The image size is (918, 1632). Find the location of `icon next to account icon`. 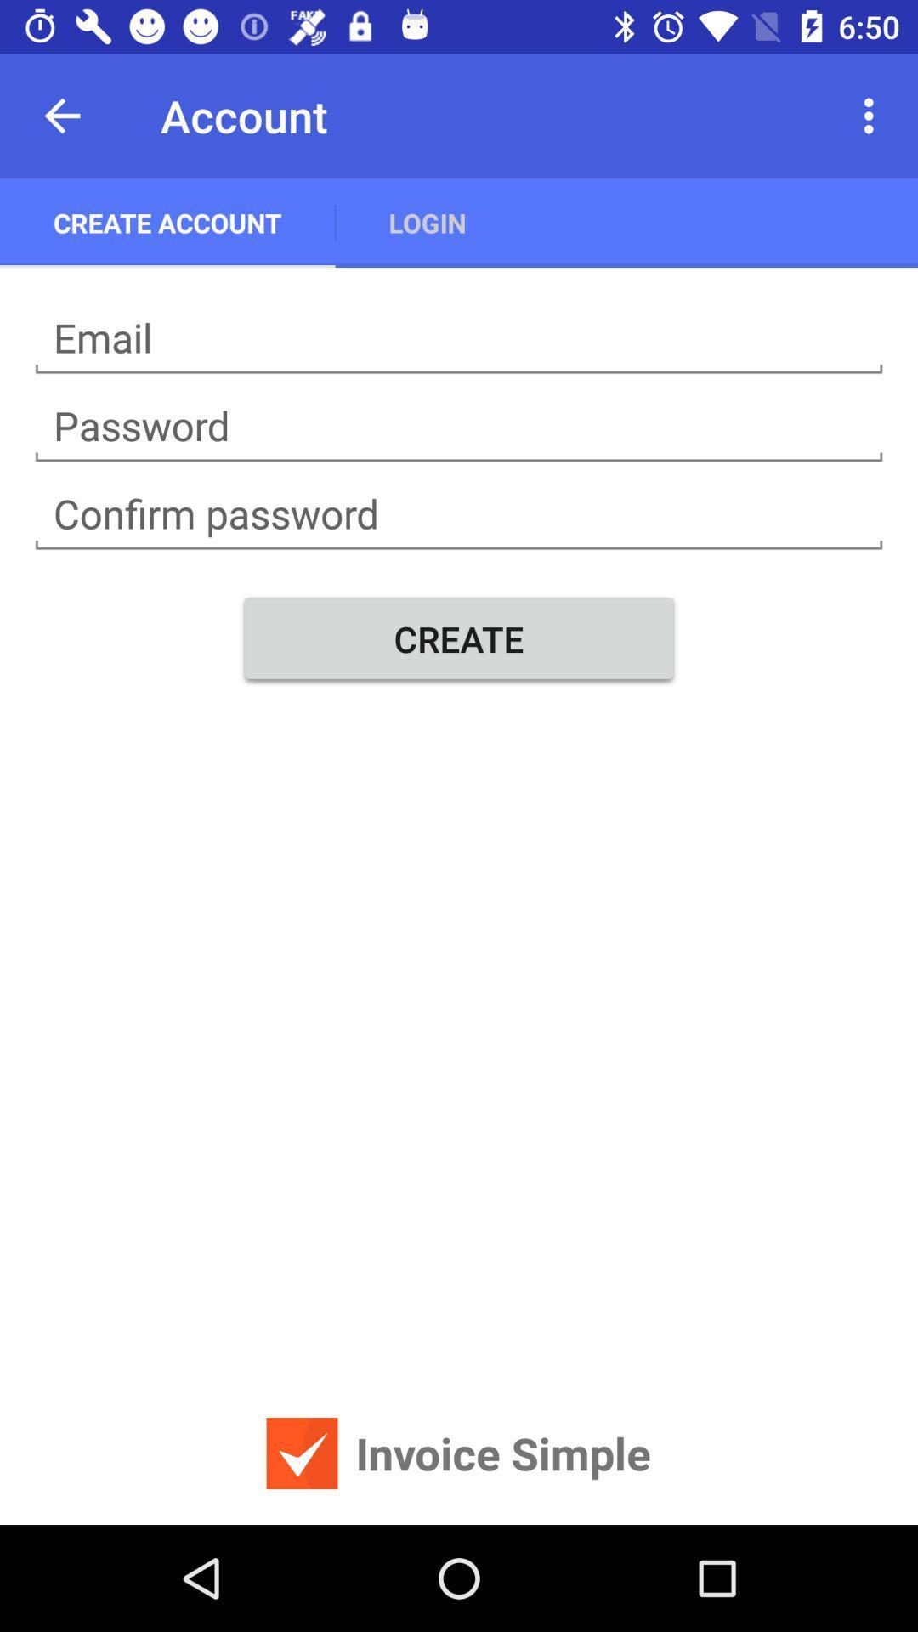

icon next to account icon is located at coordinates (61, 115).